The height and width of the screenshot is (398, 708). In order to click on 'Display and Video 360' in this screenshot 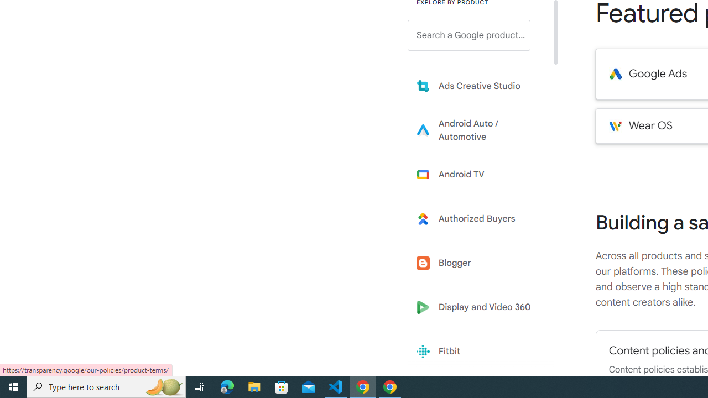, I will do `click(477, 307)`.